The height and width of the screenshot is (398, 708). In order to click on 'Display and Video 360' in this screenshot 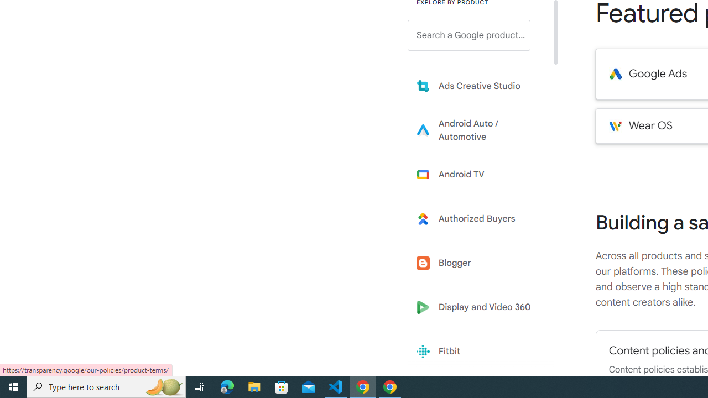, I will do `click(477, 307)`.